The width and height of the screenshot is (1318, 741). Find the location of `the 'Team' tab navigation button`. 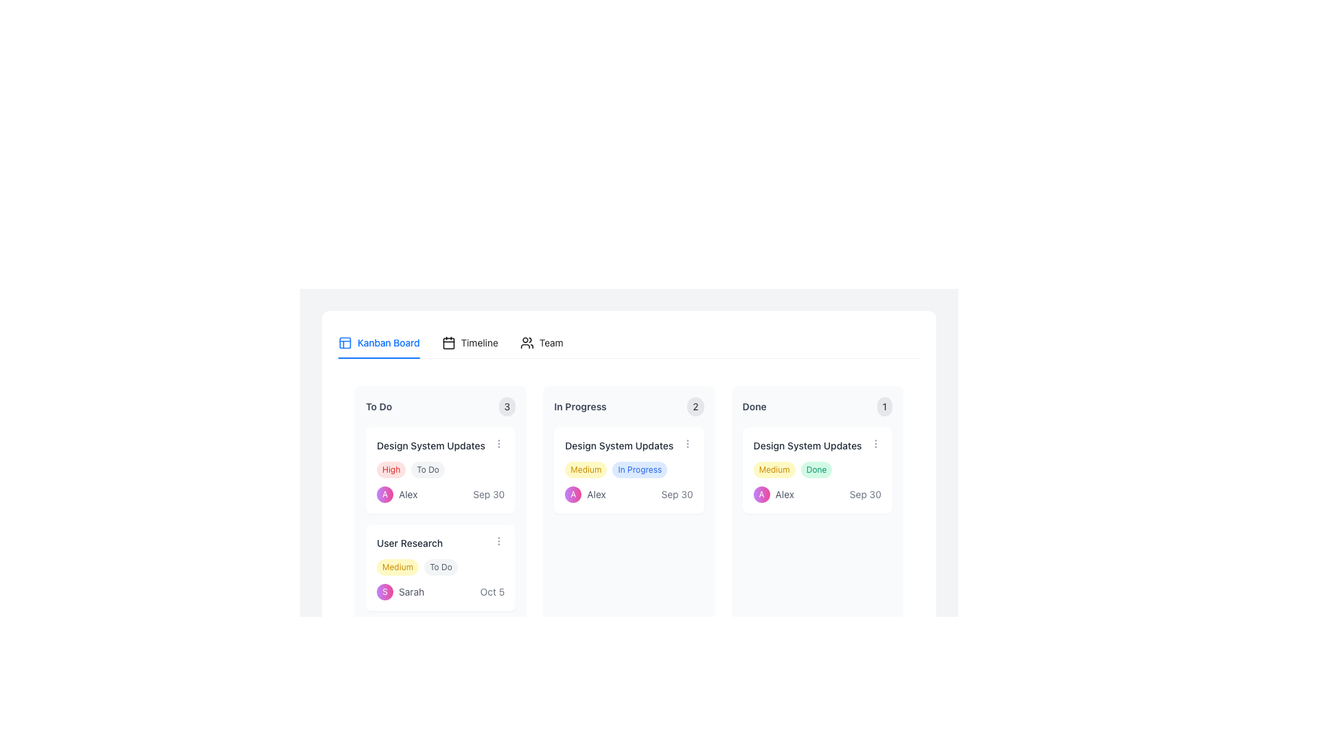

the 'Team' tab navigation button is located at coordinates (541, 342).